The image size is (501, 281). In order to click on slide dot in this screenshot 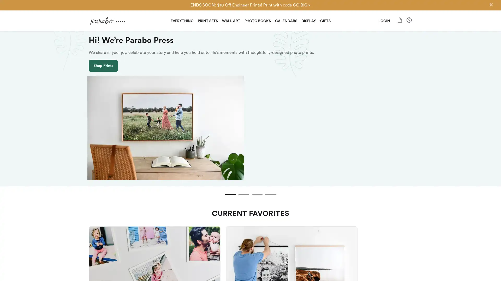, I will do `click(258, 144)`.